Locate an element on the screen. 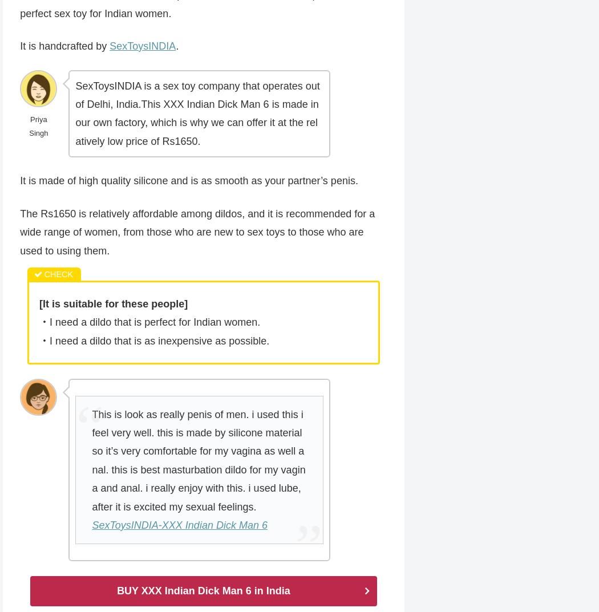 This screenshot has height=612, width=599. 'It is made of high quality silicone and is as smooth as your partner’s penis.' is located at coordinates (188, 182).